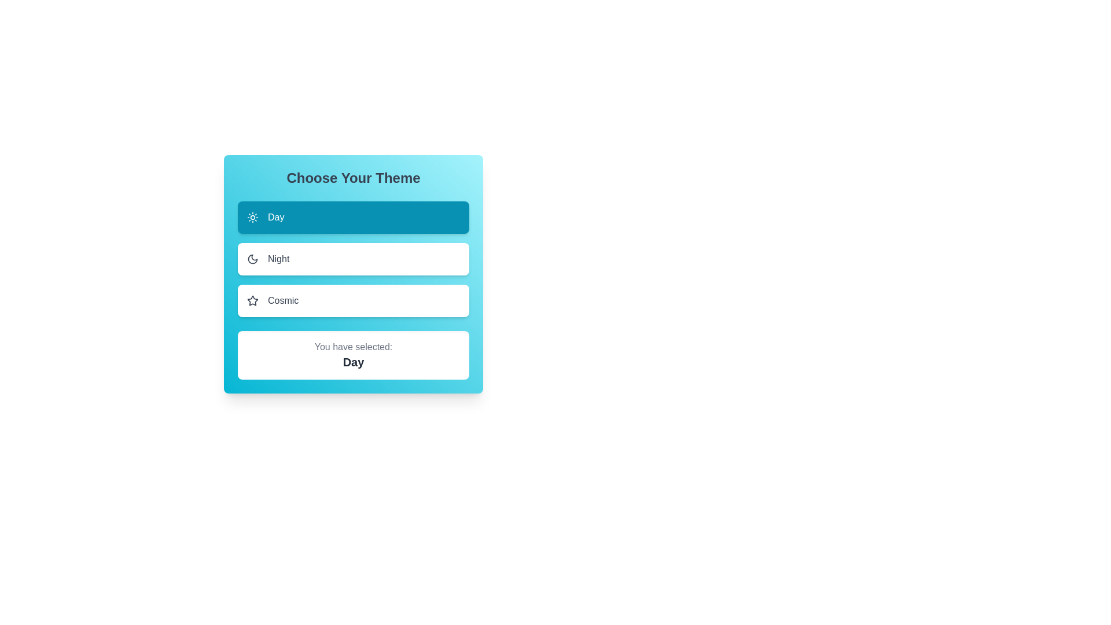 The image size is (1111, 625). Describe the element at coordinates (283, 300) in the screenshot. I see `text label indicating the theme option labeled as 'Cosmic', which is part of the interactive theme selector` at that location.